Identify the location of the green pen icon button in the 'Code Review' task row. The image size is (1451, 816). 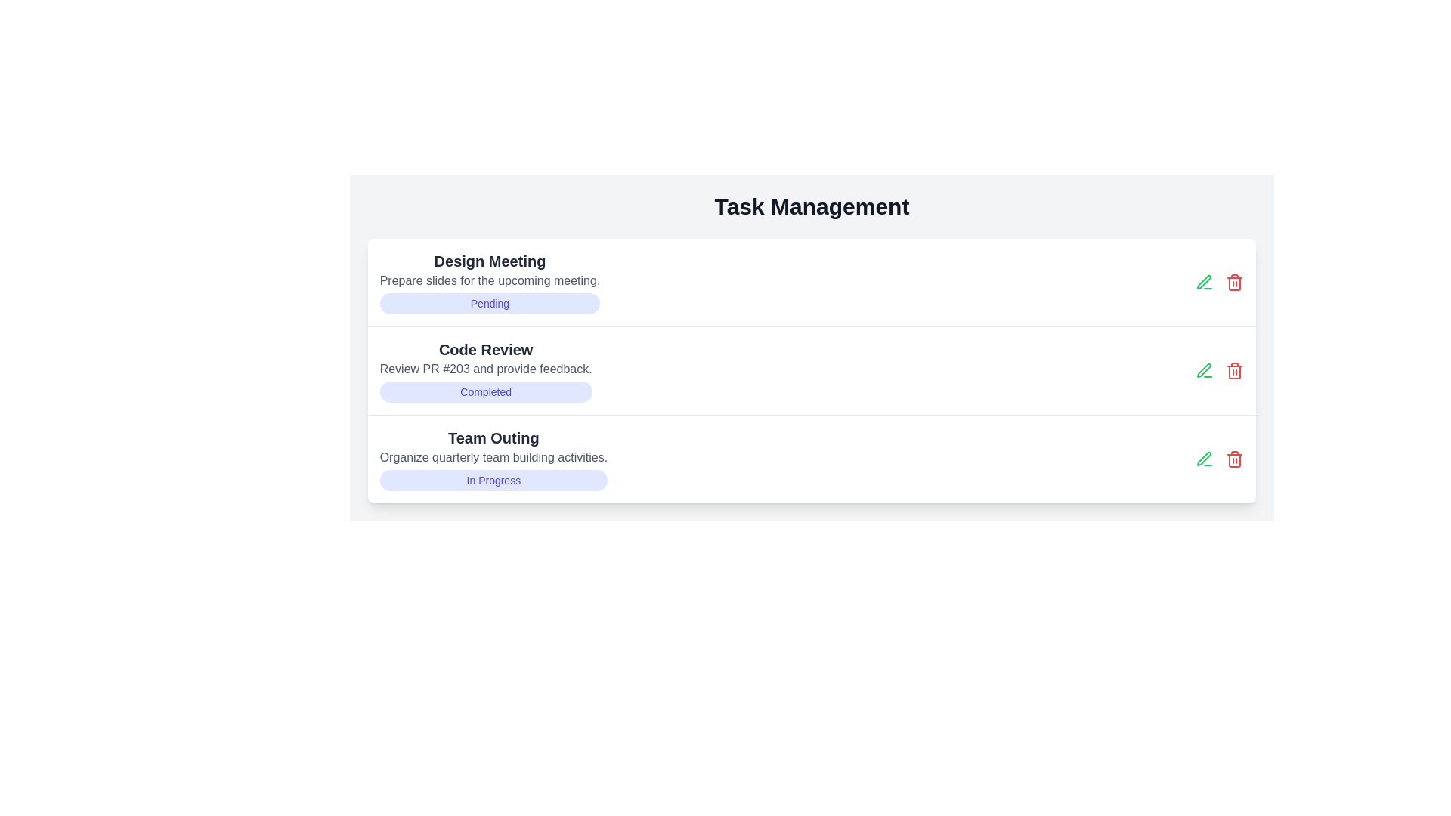
(1204, 283).